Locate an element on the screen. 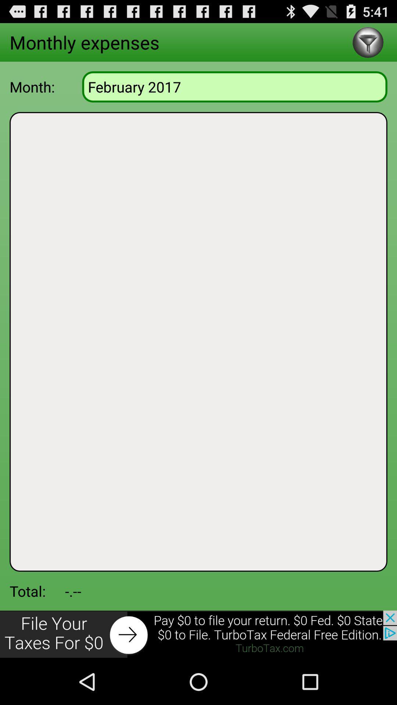 The height and width of the screenshot is (705, 397). advertisement click is located at coordinates (198, 634).